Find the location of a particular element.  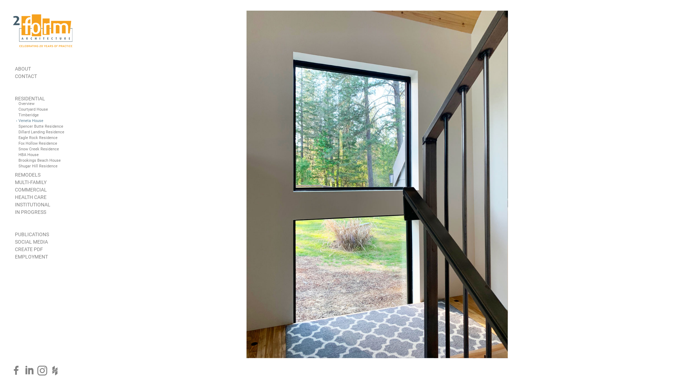

'PUBLICATIONS' is located at coordinates (32, 234).